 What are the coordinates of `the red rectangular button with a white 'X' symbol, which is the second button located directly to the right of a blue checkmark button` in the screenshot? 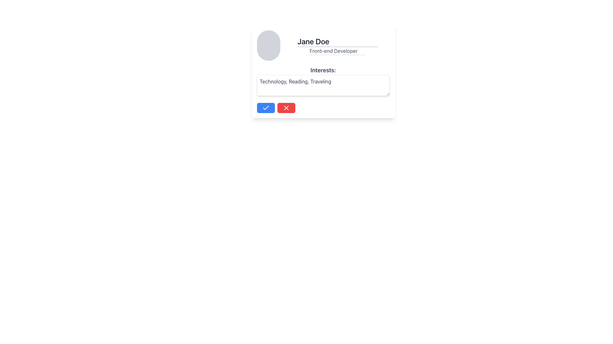 It's located at (286, 108).